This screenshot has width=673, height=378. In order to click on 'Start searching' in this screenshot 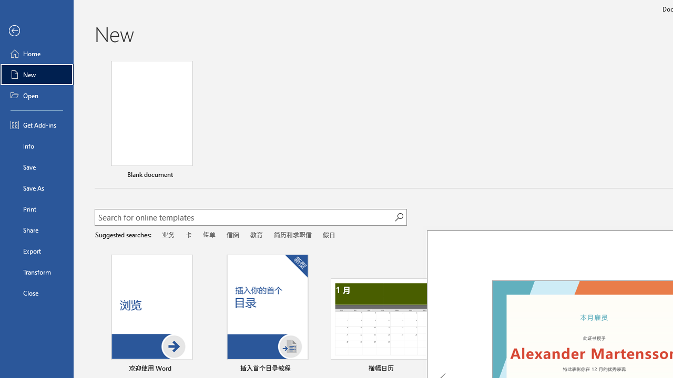, I will do `click(399, 216)`.